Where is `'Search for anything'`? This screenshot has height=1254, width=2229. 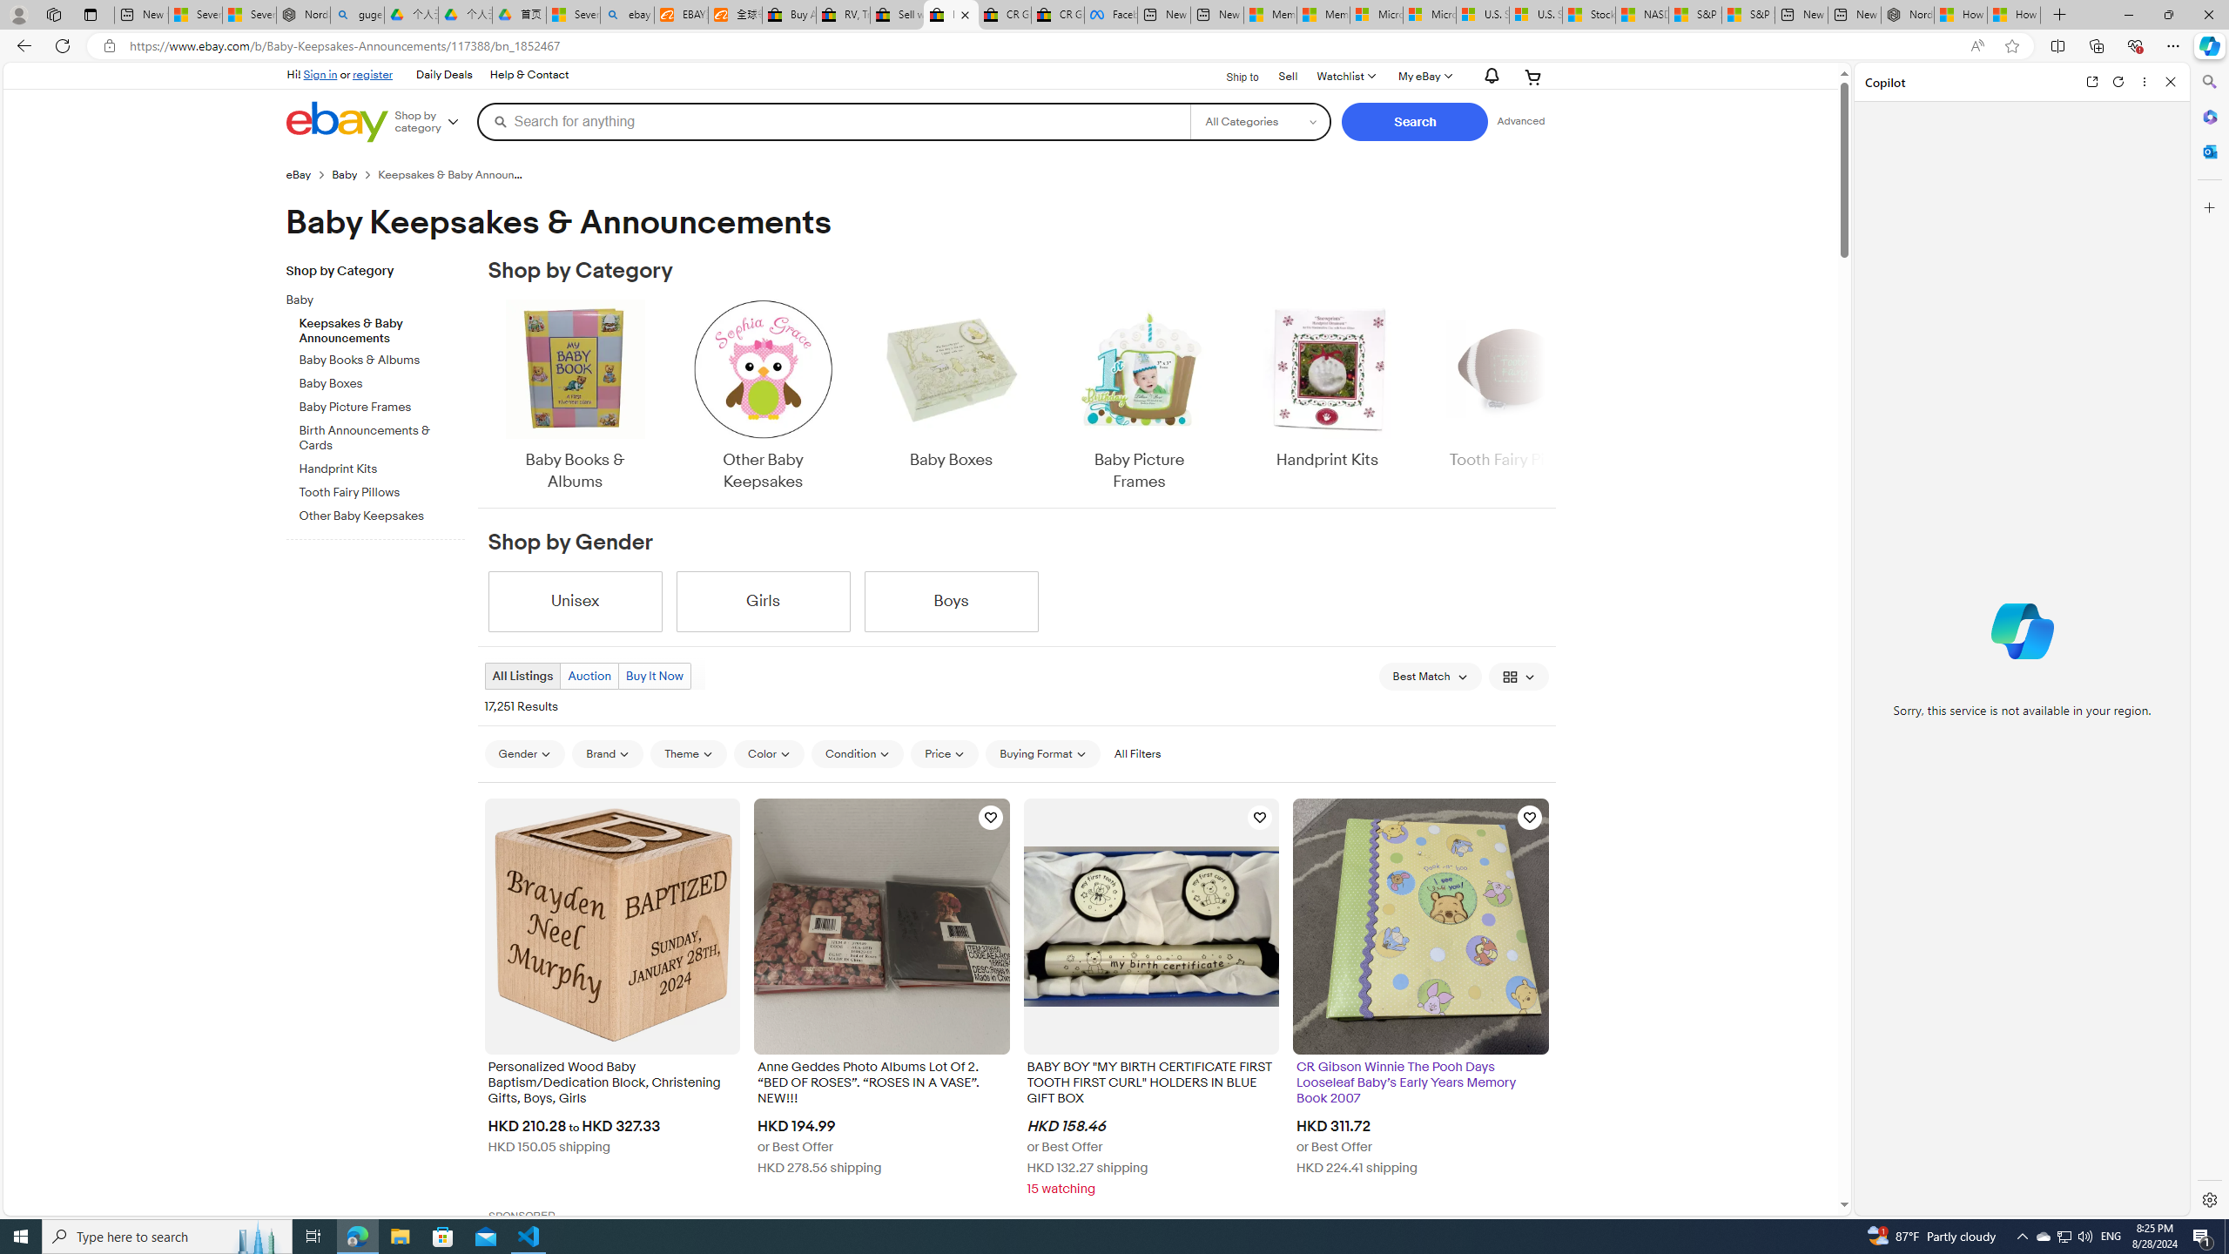
'Search for anything' is located at coordinates (833, 120).